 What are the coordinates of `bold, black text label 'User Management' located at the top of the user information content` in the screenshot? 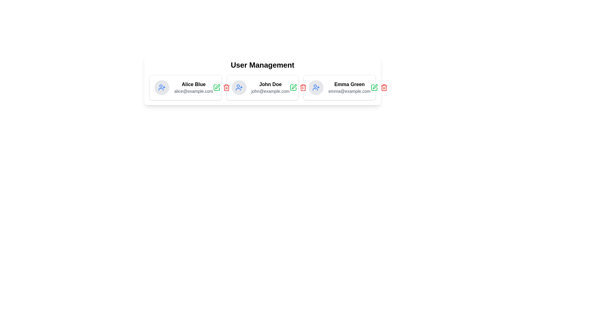 It's located at (263, 65).